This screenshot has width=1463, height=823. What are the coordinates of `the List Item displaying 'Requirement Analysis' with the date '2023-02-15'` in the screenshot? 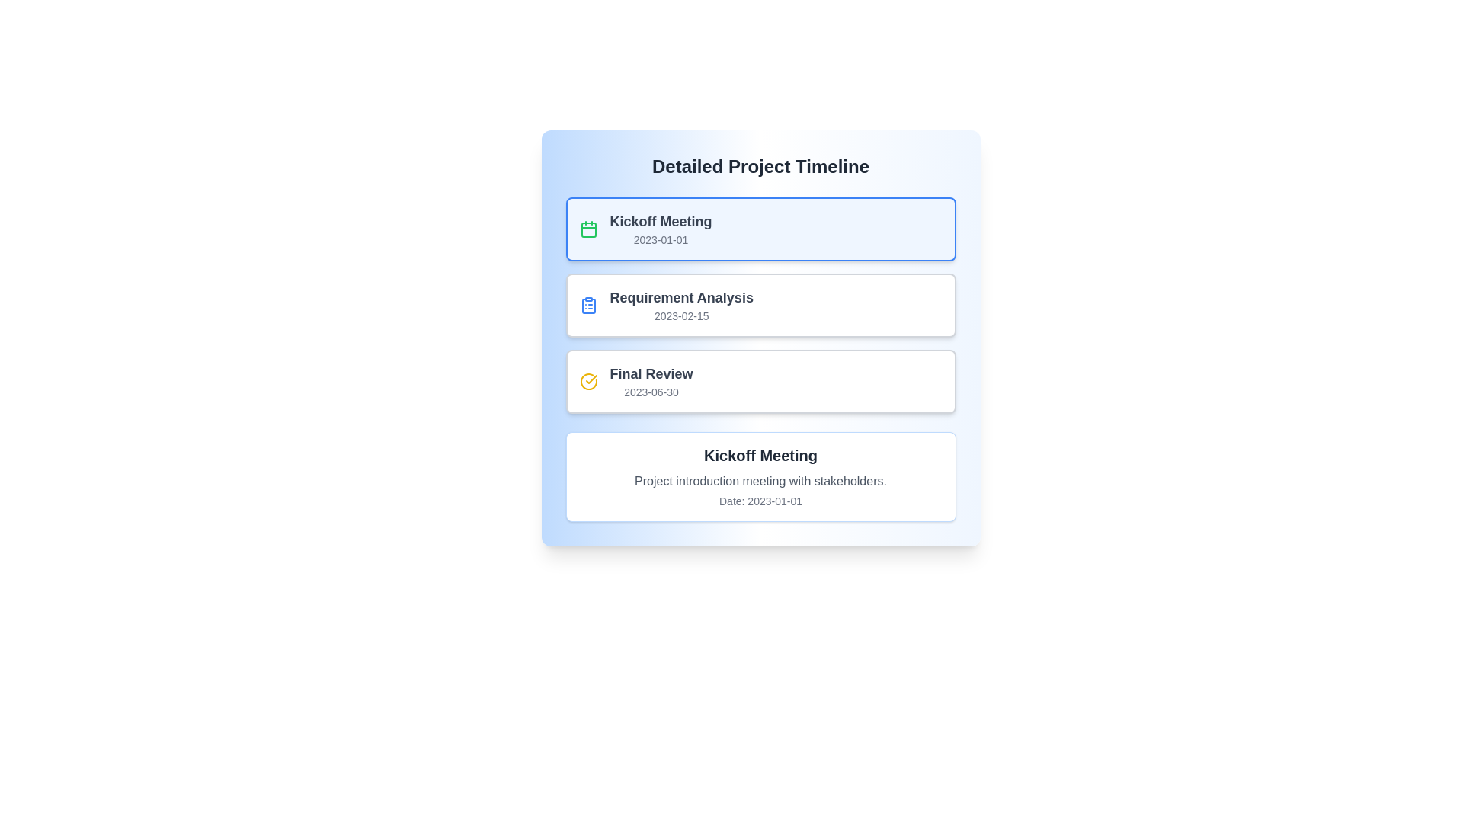 It's located at (760, 306).